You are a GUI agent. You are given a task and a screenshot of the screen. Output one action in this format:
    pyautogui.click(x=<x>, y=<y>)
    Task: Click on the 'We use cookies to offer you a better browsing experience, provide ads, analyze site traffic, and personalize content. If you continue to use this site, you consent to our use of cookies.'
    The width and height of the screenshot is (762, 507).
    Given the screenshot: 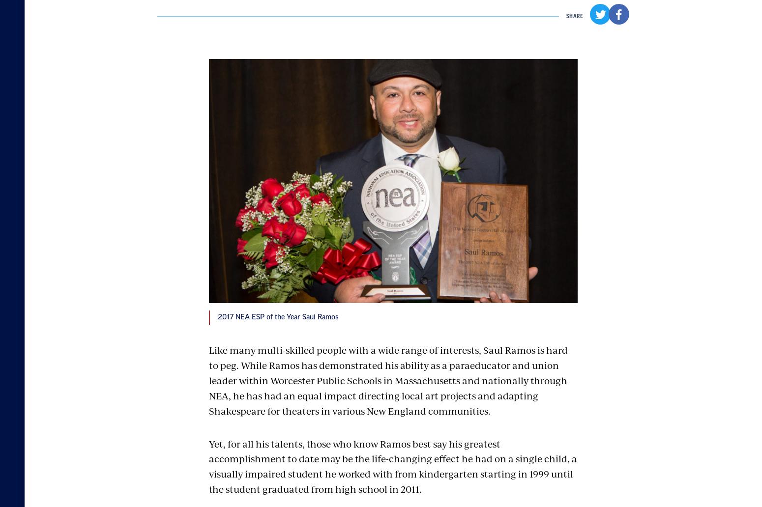 What is the action you would take?
    pyautogui.click(x=145, y=451)
    